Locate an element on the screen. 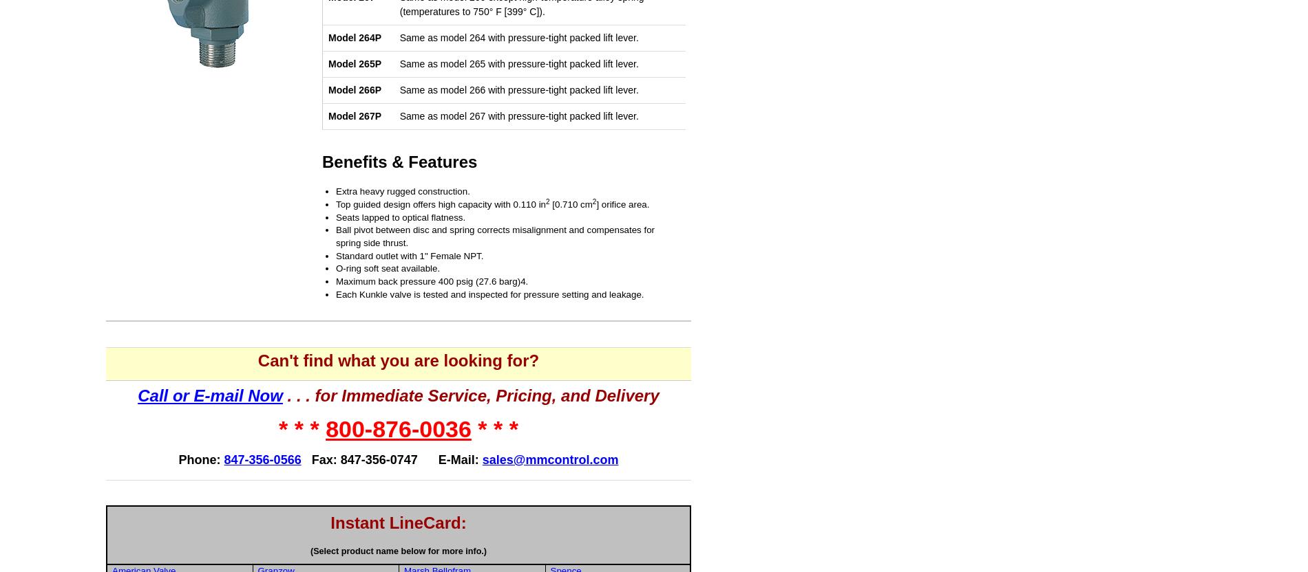  'Phone:' is located at coordinates (200, 460).